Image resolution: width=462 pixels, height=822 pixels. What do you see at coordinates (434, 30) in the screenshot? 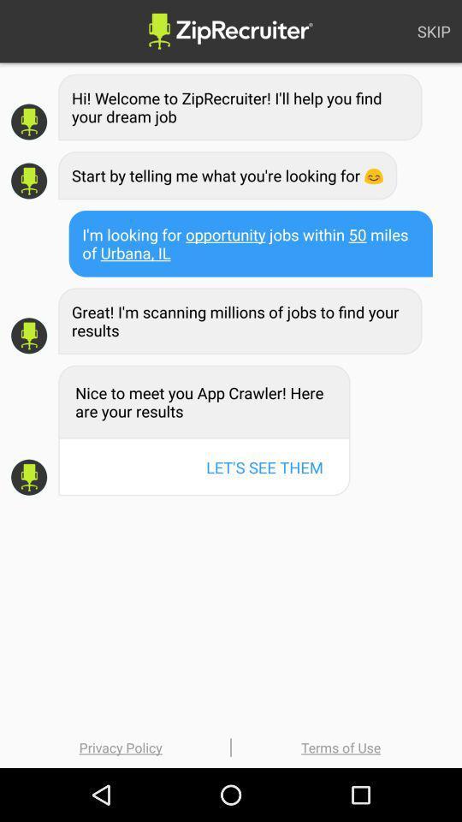
I see `skip at the top right corner` at bounding box center [434, 30].